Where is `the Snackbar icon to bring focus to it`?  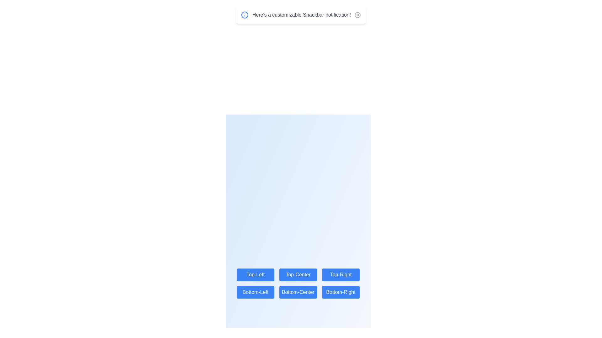 the Snackbar icon to bring focus to it is located at coordinates (244, 14).